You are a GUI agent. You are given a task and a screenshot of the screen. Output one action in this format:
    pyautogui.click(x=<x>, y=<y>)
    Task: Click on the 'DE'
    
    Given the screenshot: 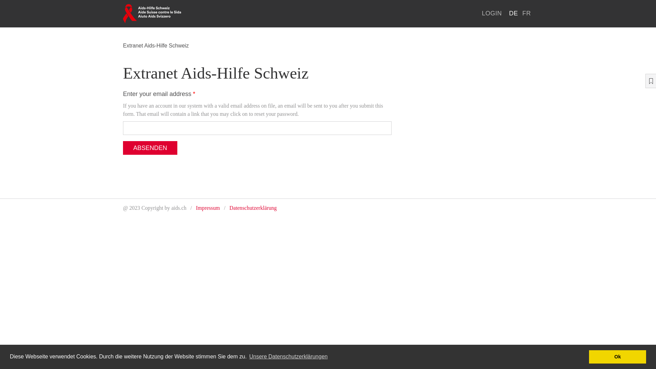 What is the action you would take?
    pyautogui.click(x=514, y=13)
    